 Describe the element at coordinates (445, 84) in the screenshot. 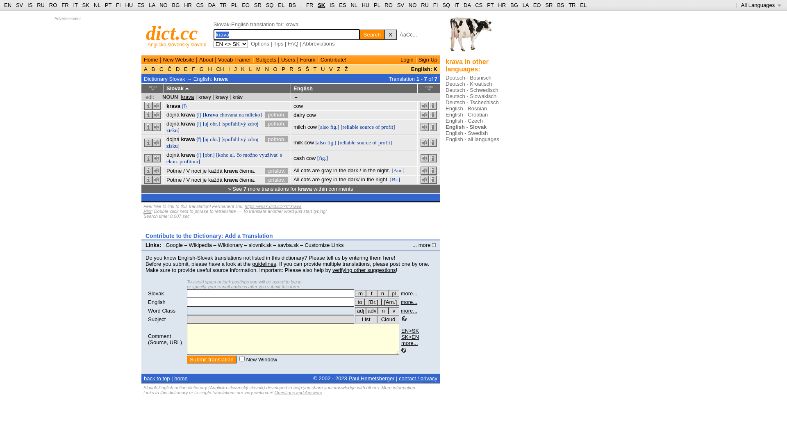

I see `'Deutsch - Kroatisch'` at that location.